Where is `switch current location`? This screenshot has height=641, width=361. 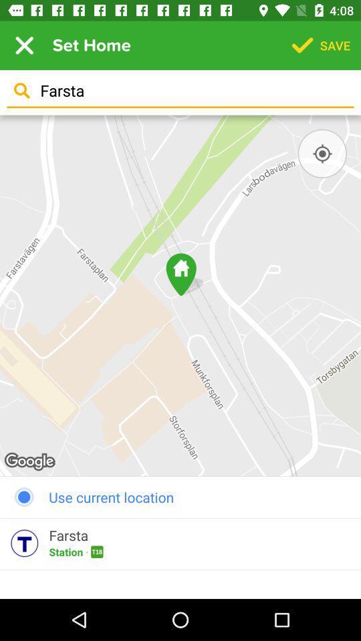
switch current location is located at coordinates (322, 154).